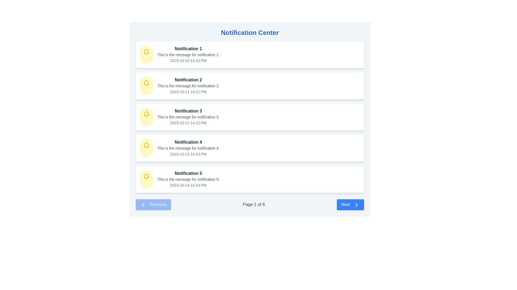 This screenshot has width=517, height=290. I want to click on the yellow bell icon located to the left of the notification text for 'Notification 2' in the second row of the notification list, so click(146, 83).